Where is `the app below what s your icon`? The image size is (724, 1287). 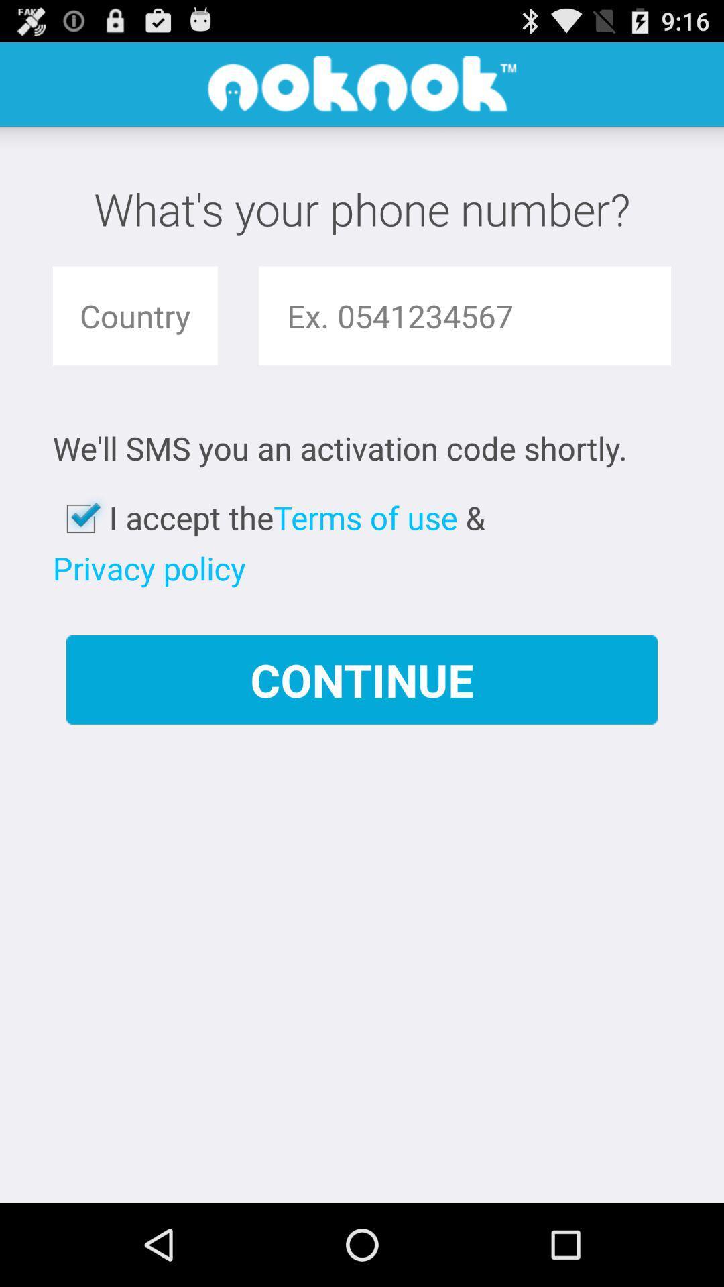
the app below what s your icon is located at coordinates (135, 315).